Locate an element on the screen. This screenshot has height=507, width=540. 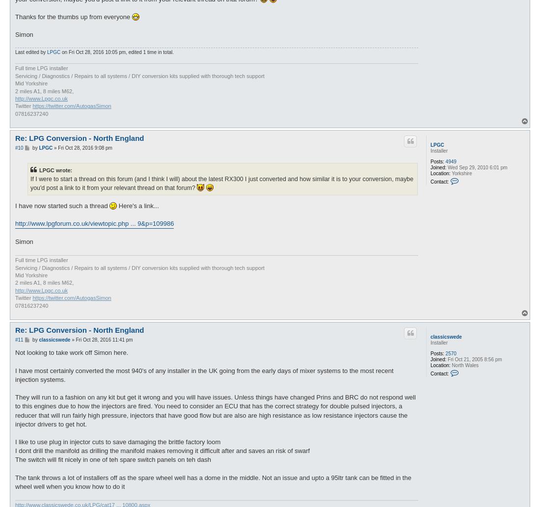
'The switch will fit nicely in one of teh spare switch panels on teh dash' is located at coordinates (15, 459).